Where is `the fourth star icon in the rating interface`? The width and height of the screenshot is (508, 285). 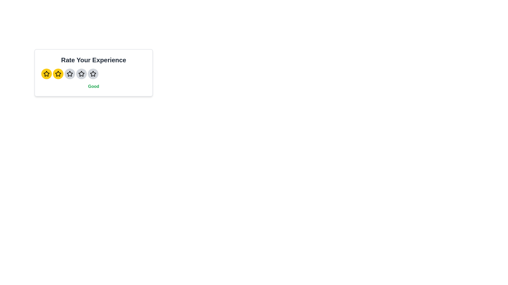
the fourth star icon in the rating interface is located at coordinates (93, 74).